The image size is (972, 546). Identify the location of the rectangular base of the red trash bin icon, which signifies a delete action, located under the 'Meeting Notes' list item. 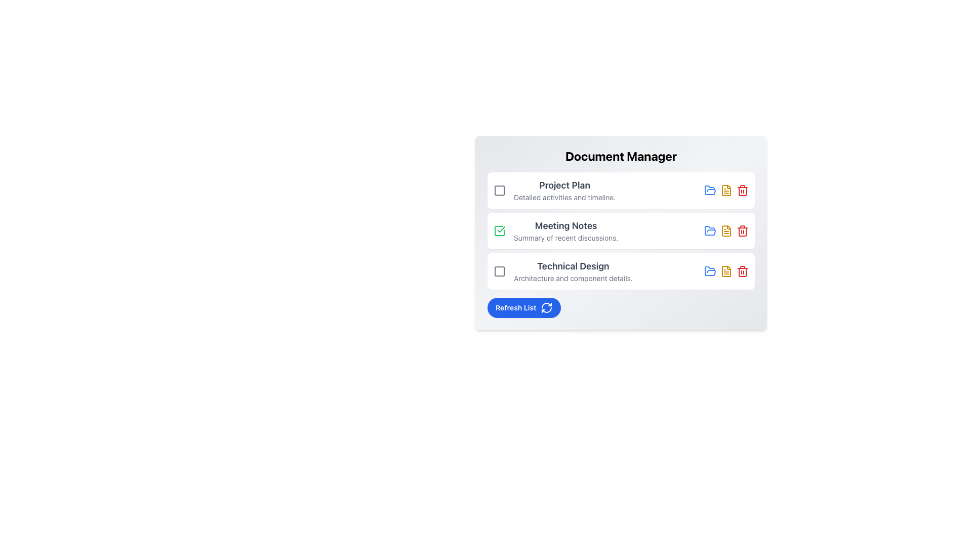
(743, 191).